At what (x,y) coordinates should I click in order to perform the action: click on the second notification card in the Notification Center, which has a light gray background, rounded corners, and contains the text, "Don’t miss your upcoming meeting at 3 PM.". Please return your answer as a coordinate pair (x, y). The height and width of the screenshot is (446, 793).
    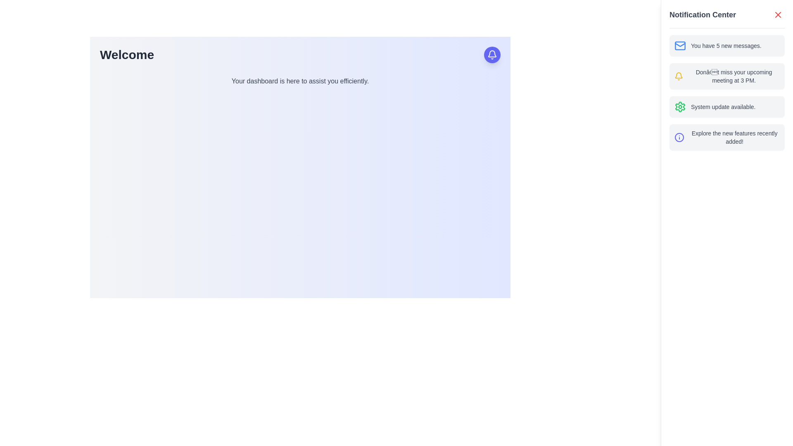
    Looking at the image, I should click on (727, 76).